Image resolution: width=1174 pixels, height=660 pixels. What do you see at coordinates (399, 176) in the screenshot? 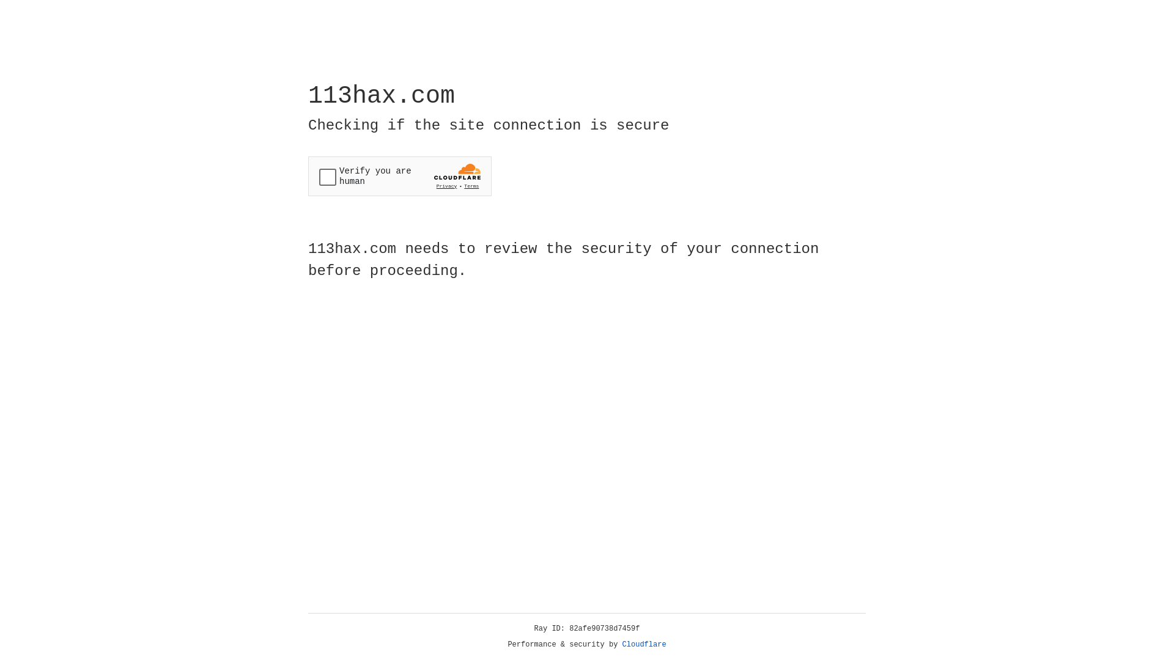
I see `'Widget containing a Cloudflare security challenge'` at bounding box center [399, 176].